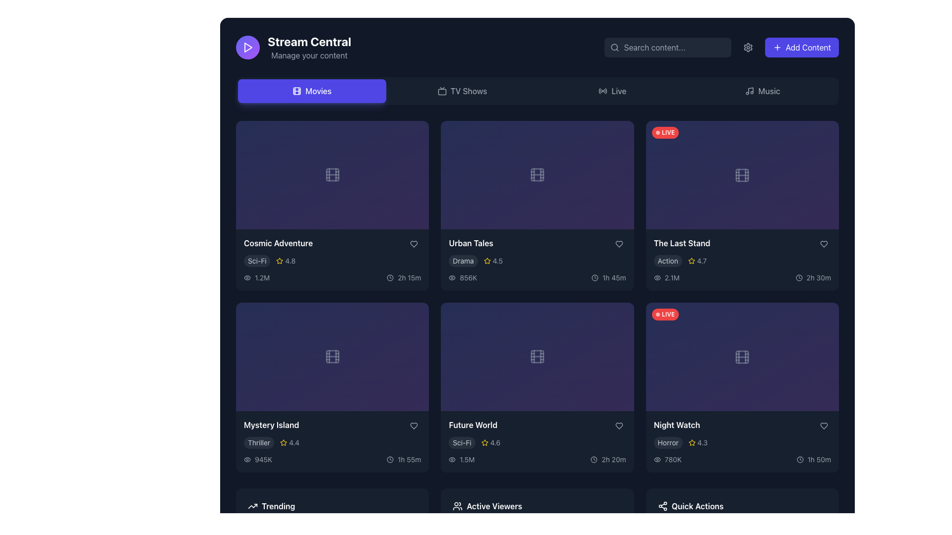 This screenshot has width=952, height=535. I want to click on the decorative graphical element representing a film or movie within the media item card located in the second column of the first row of the grid layout, so click(537, 174).